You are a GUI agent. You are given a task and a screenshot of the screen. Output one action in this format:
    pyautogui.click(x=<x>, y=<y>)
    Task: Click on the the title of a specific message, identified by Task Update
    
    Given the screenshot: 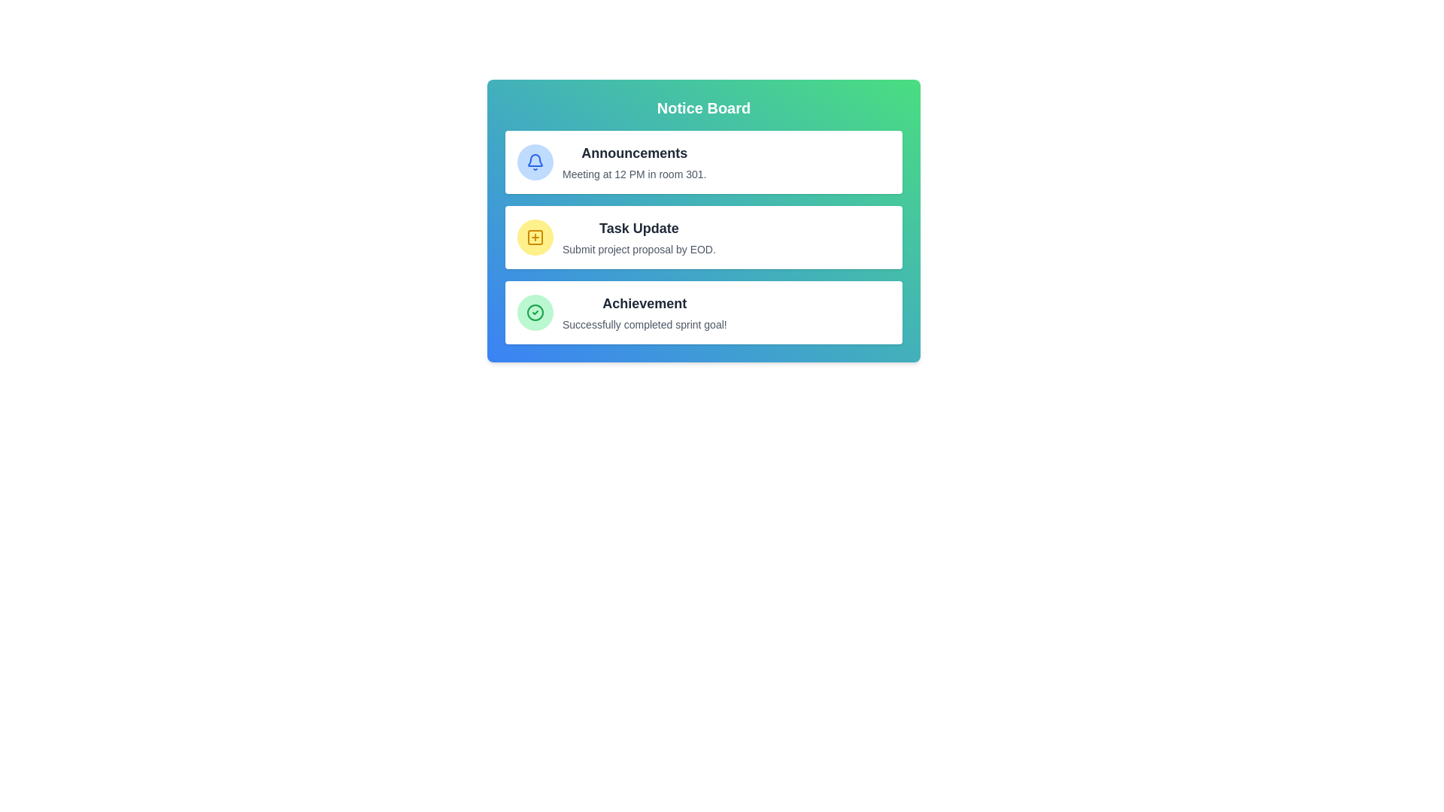 What is the action you would take?
    pyautogui.click(x=639, y=229)
    